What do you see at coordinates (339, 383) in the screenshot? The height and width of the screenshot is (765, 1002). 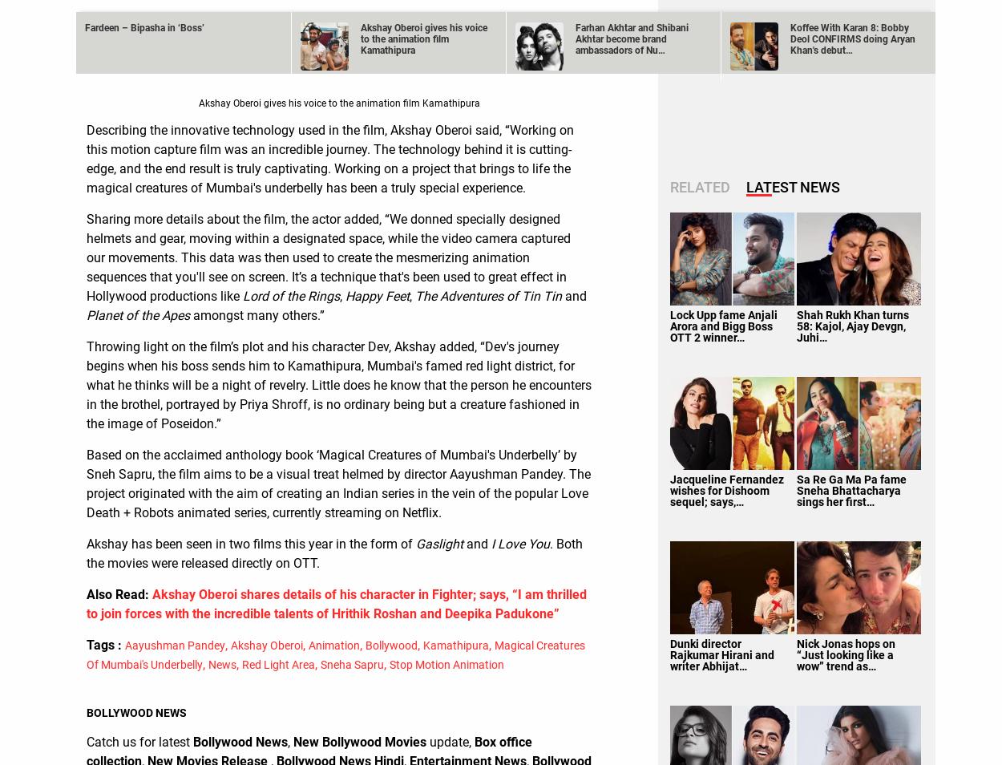 I see `'Throwing light on the film’s plot and his character Dev, Akshay added, “Dev's journey begins when his boss sends him to Kamathipura, Mumbai's famed red light district, for what he thinks will be a night of revelry. Little does he know that the person he encounters in the brothel, portrayed by Priya Shroff, is no ordinary being but a creature fashioned in the image of Poseidon.”'` at bounding box center [339, 383].